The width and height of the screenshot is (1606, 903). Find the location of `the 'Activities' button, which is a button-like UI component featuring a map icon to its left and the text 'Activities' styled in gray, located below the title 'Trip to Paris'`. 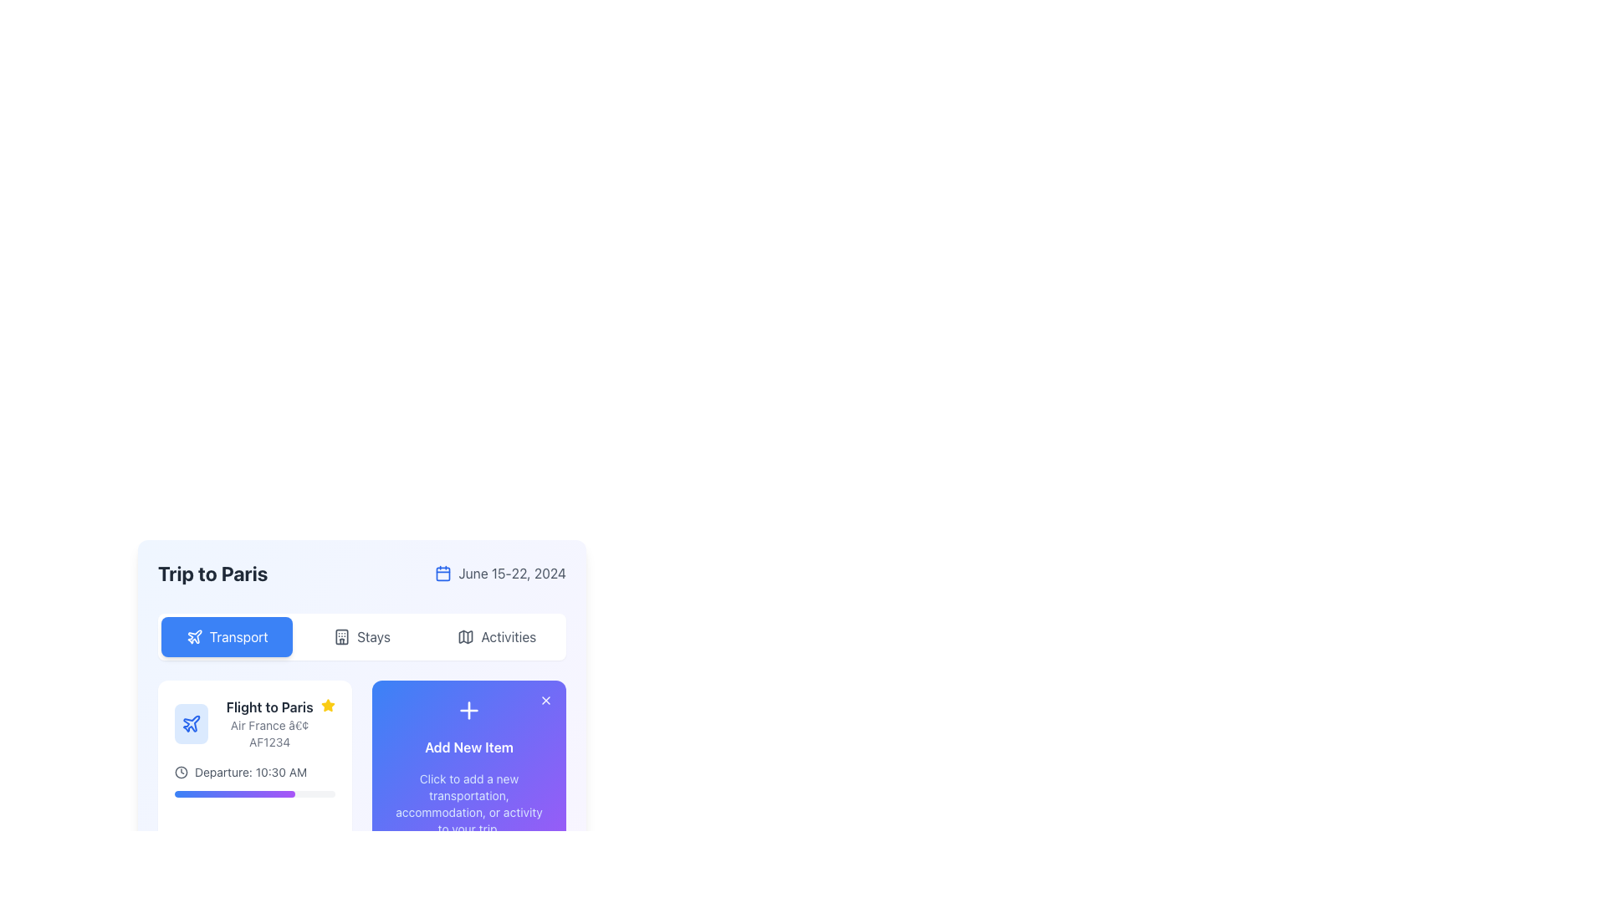

the 'Activities' button, which is a button-like UI component featuring a map icon to its left and the text 'Activities' styled in gray, located below the title 'Trip to Paris' is located at coordinates (496, 637).